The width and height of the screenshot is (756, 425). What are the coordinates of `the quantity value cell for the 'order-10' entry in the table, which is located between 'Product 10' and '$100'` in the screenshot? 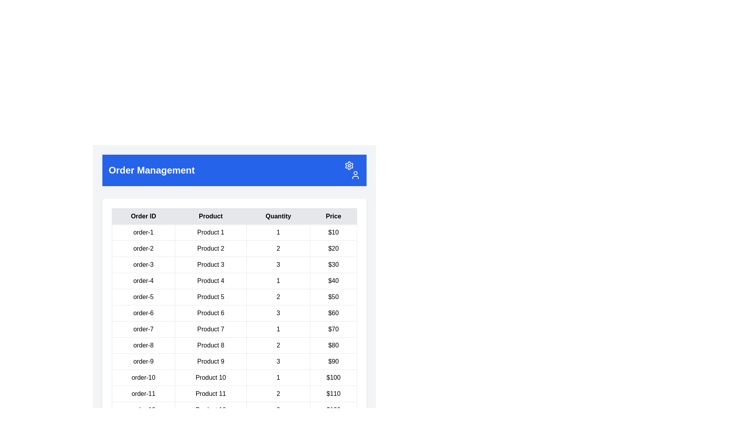 It's located at (278, 377).